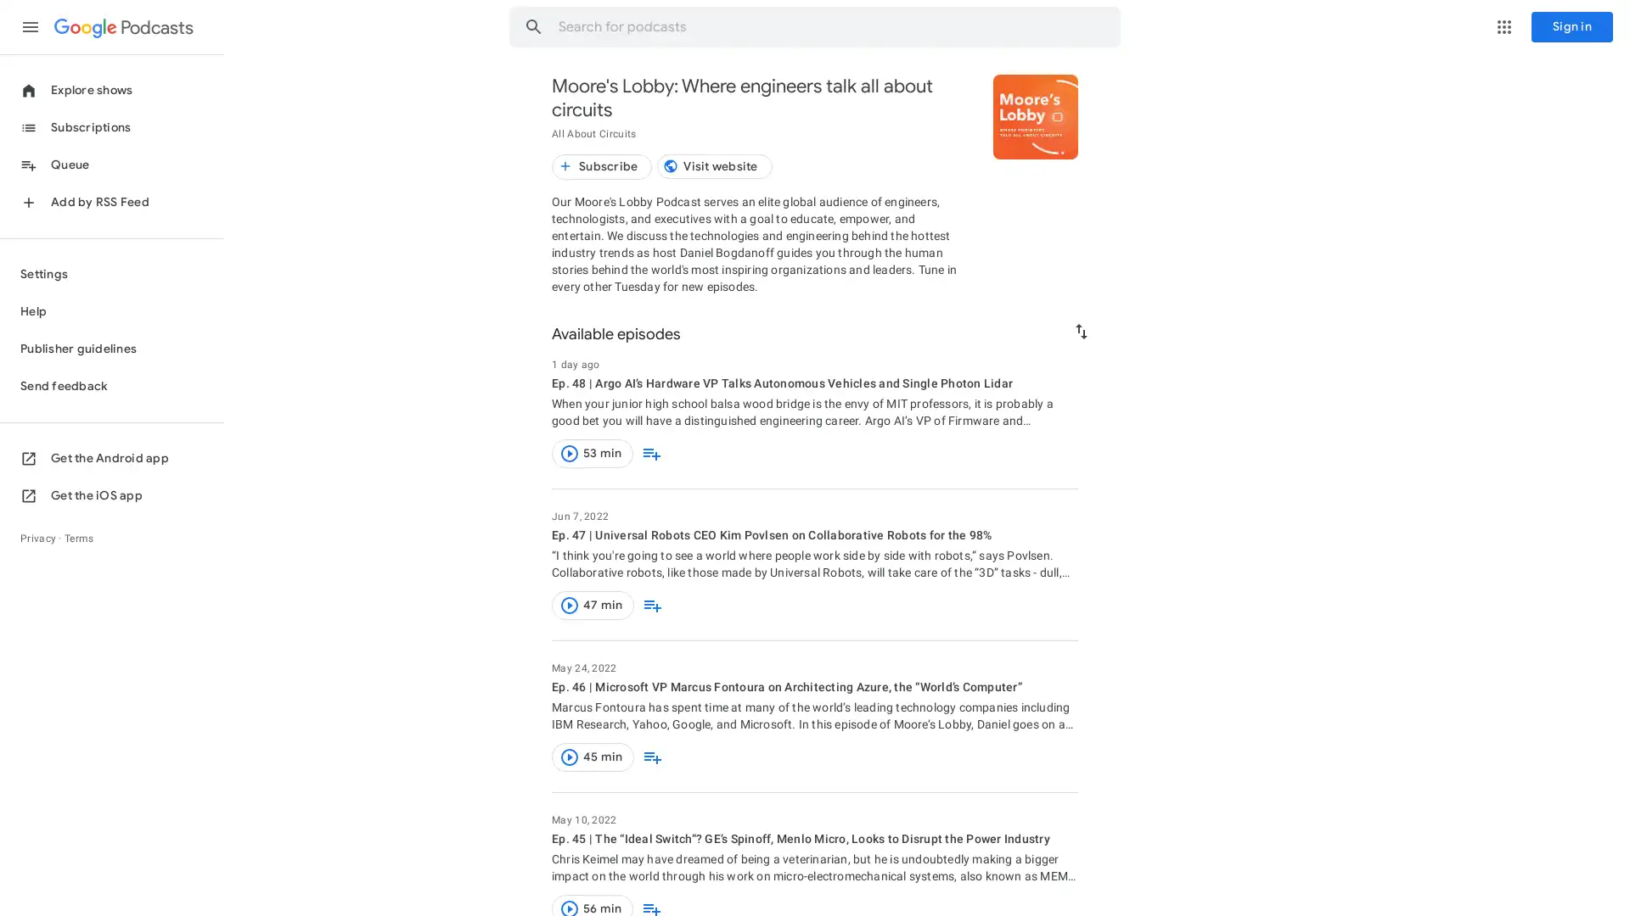 This screenshot has height=916, width=1630. I want to click on Play this episode, so click(570, 757).